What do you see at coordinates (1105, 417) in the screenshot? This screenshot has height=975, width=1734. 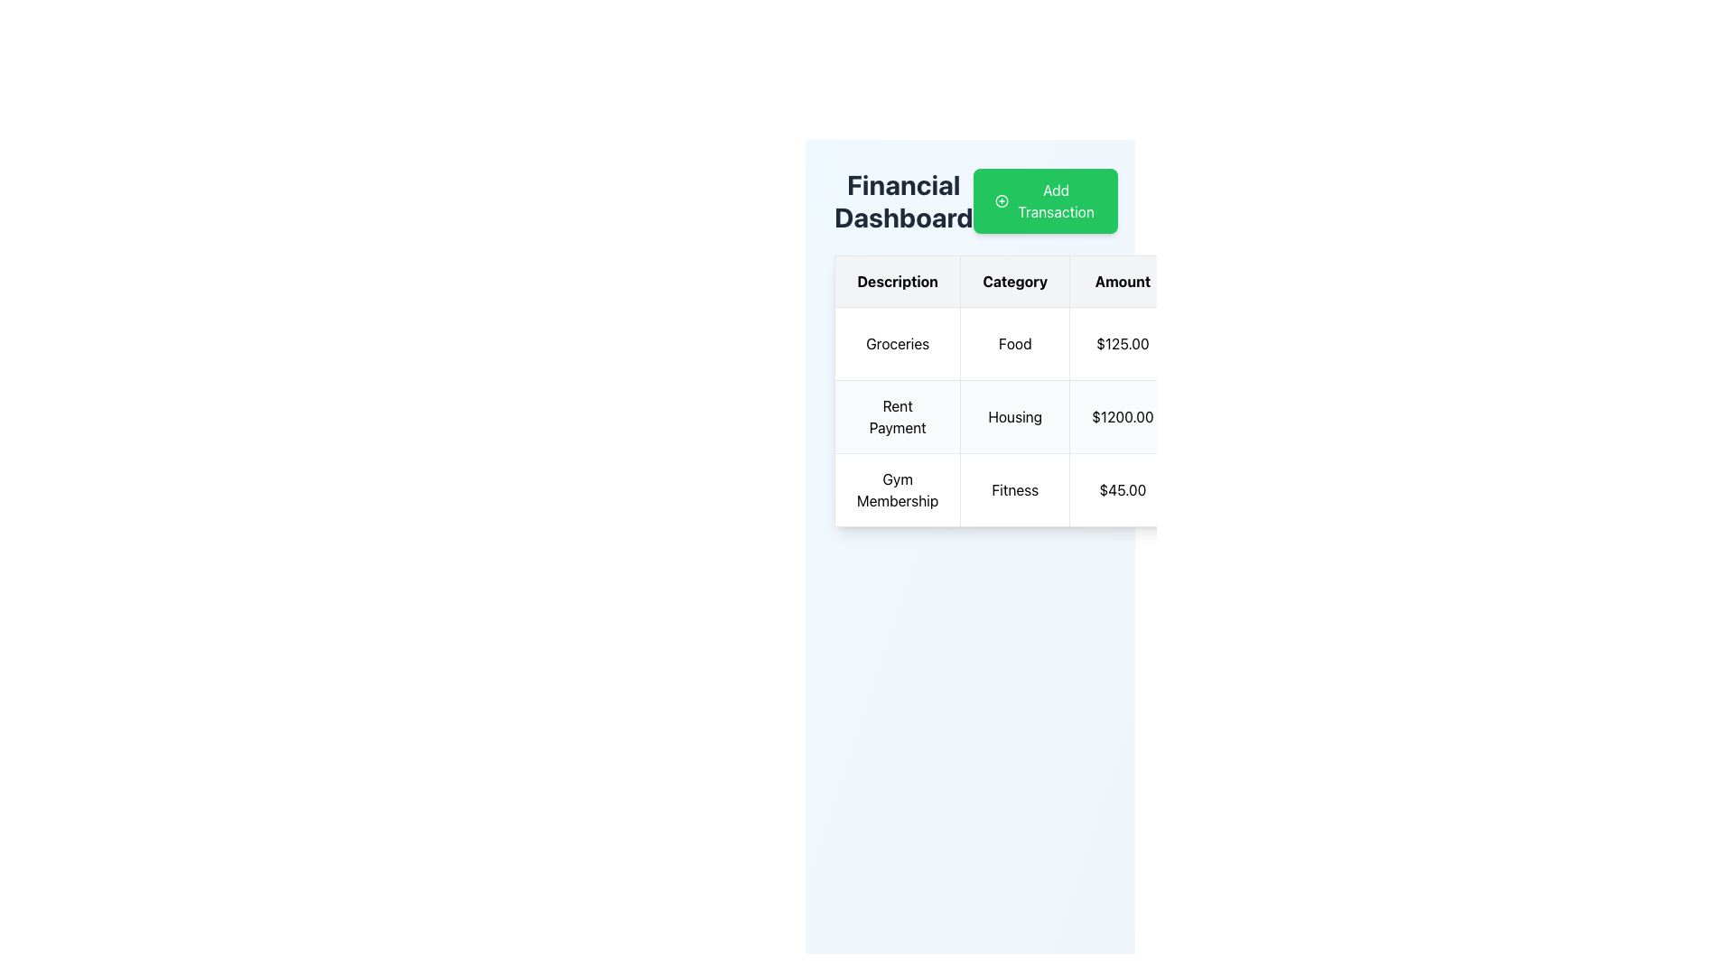 I see `the second row in the transaction table that displays details of a rent payment, including the values 'Rent Payment', 'Housing', '$1200.00', and '2023-10-03'` at bounding box center [1105, 417].